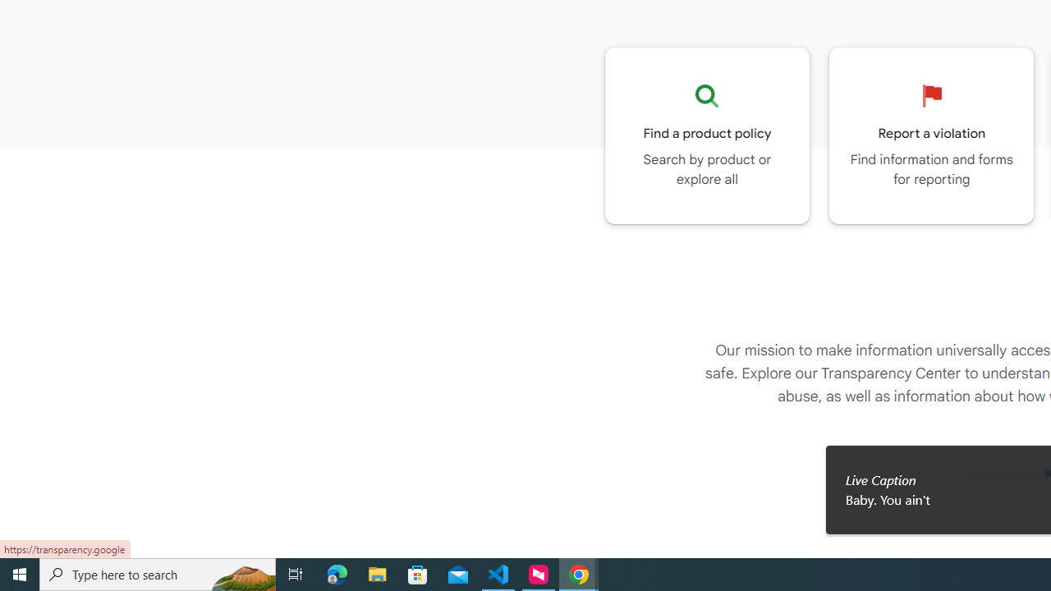  Describe the element at coordinates (707, 135) in the screenshot. I see `'Go to the Product policy page'` at that location.